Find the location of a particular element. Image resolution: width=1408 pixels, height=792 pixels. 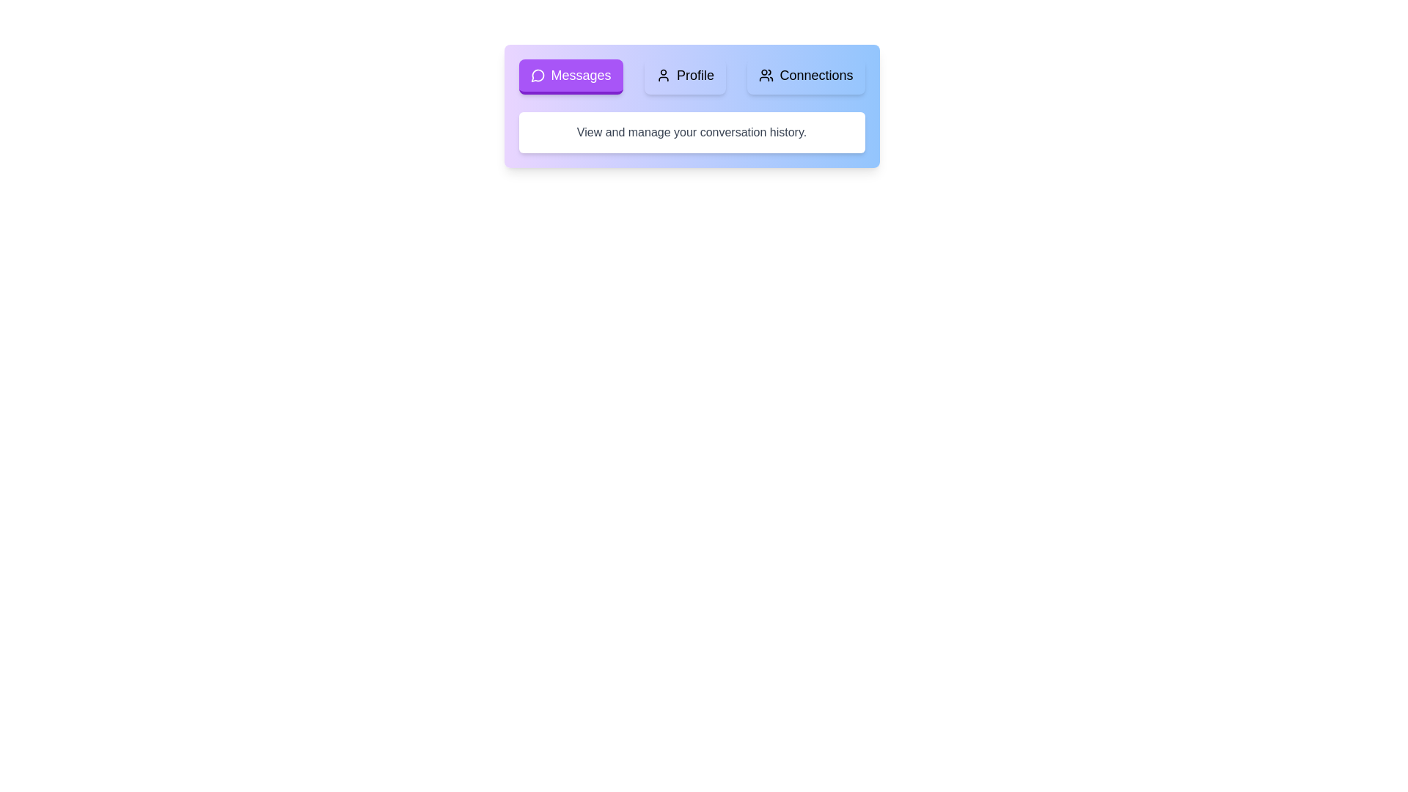

the Navigation bar containing the Messages, Profile, and Connections buttons is located at coordinates (691, 76).